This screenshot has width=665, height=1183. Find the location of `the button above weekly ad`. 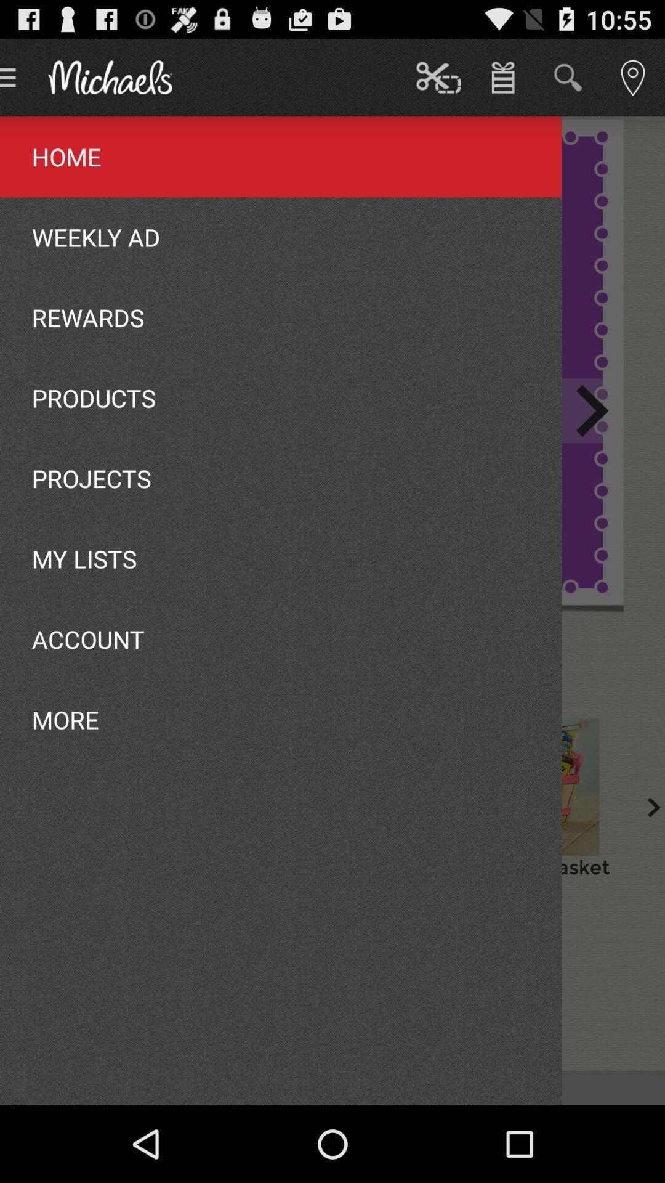

the button above weekly ad is located at coordinates (432, 1088).